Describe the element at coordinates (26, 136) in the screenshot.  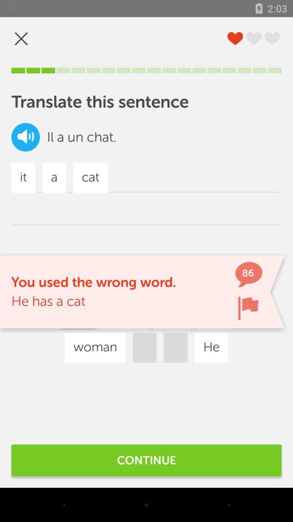
I see `the volume icon` at that location.